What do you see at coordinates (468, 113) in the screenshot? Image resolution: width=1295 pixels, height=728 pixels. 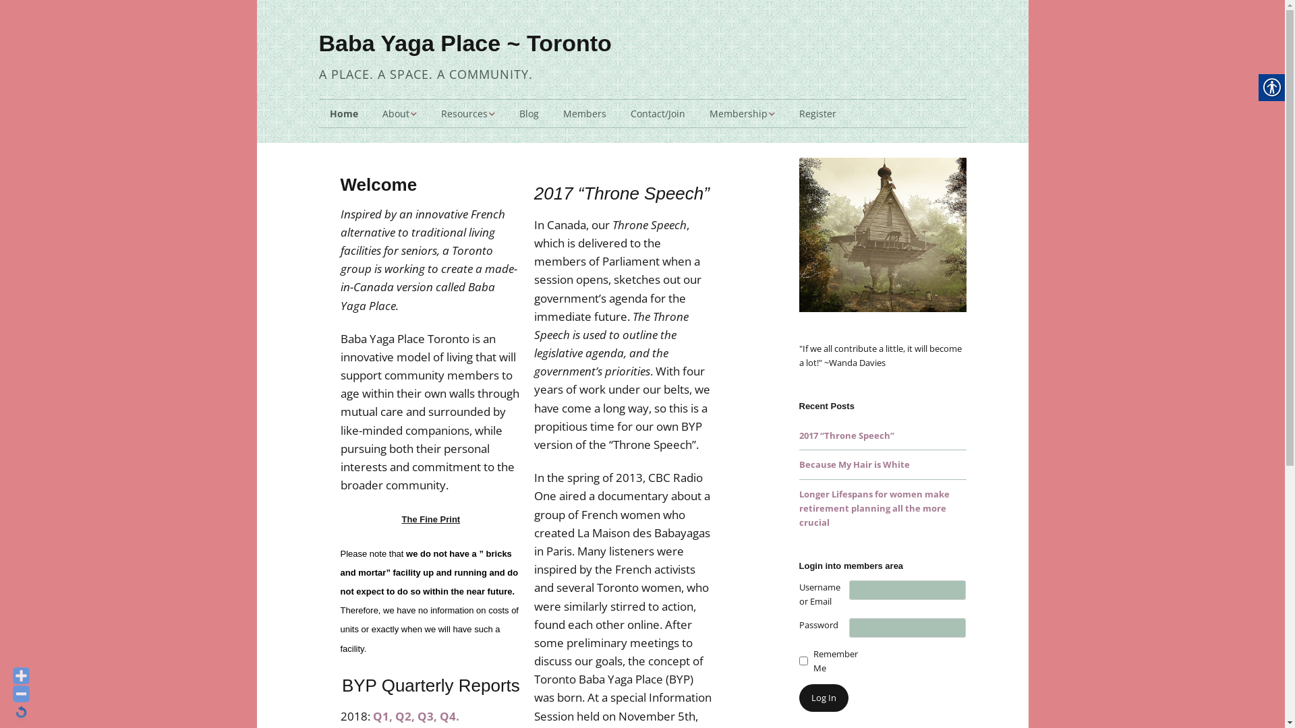 I see `'Resources'` at bounding box center [468, 113].